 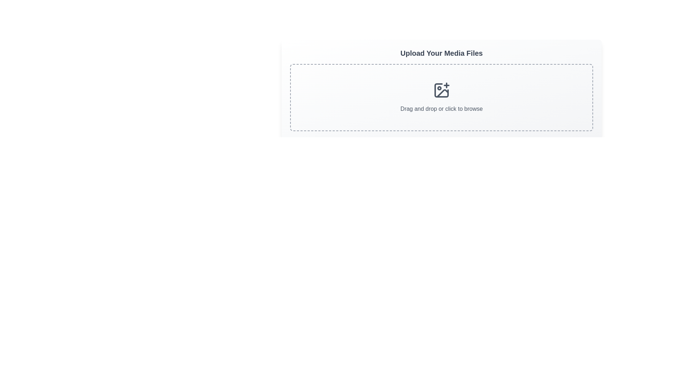 I want to click on the Interactive upload area that has a gradient background and bold text 'Upload Your Media Files', so click(x=441, y=89).